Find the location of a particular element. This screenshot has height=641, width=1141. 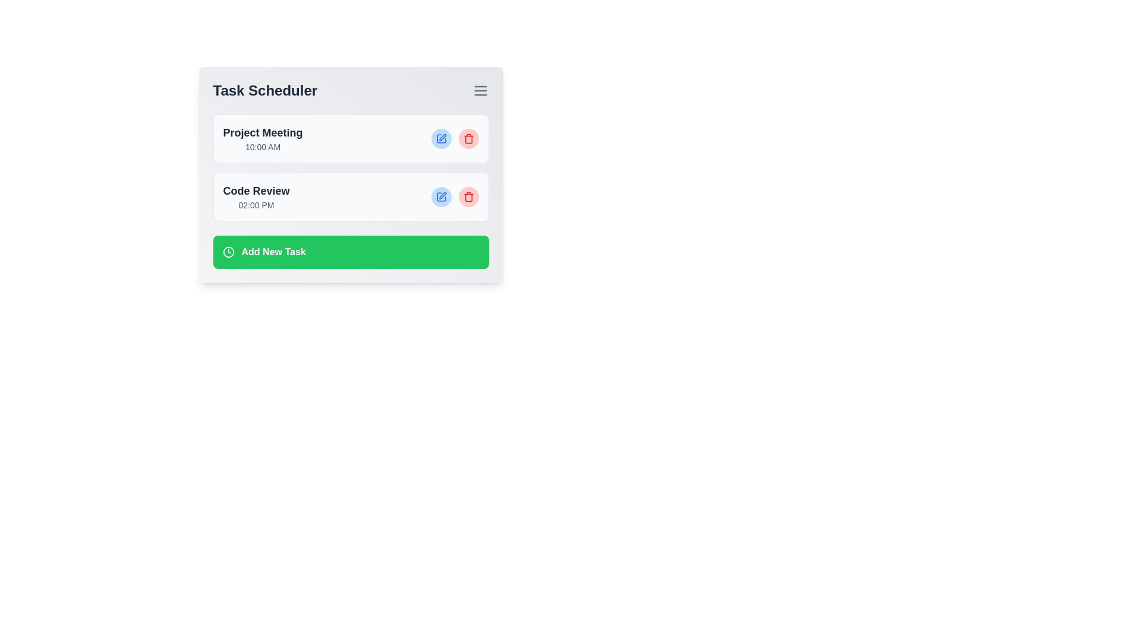

the toggle button located in the top-right corner of the 'Task Scheduler' panel is located at coordinates (480, 90).